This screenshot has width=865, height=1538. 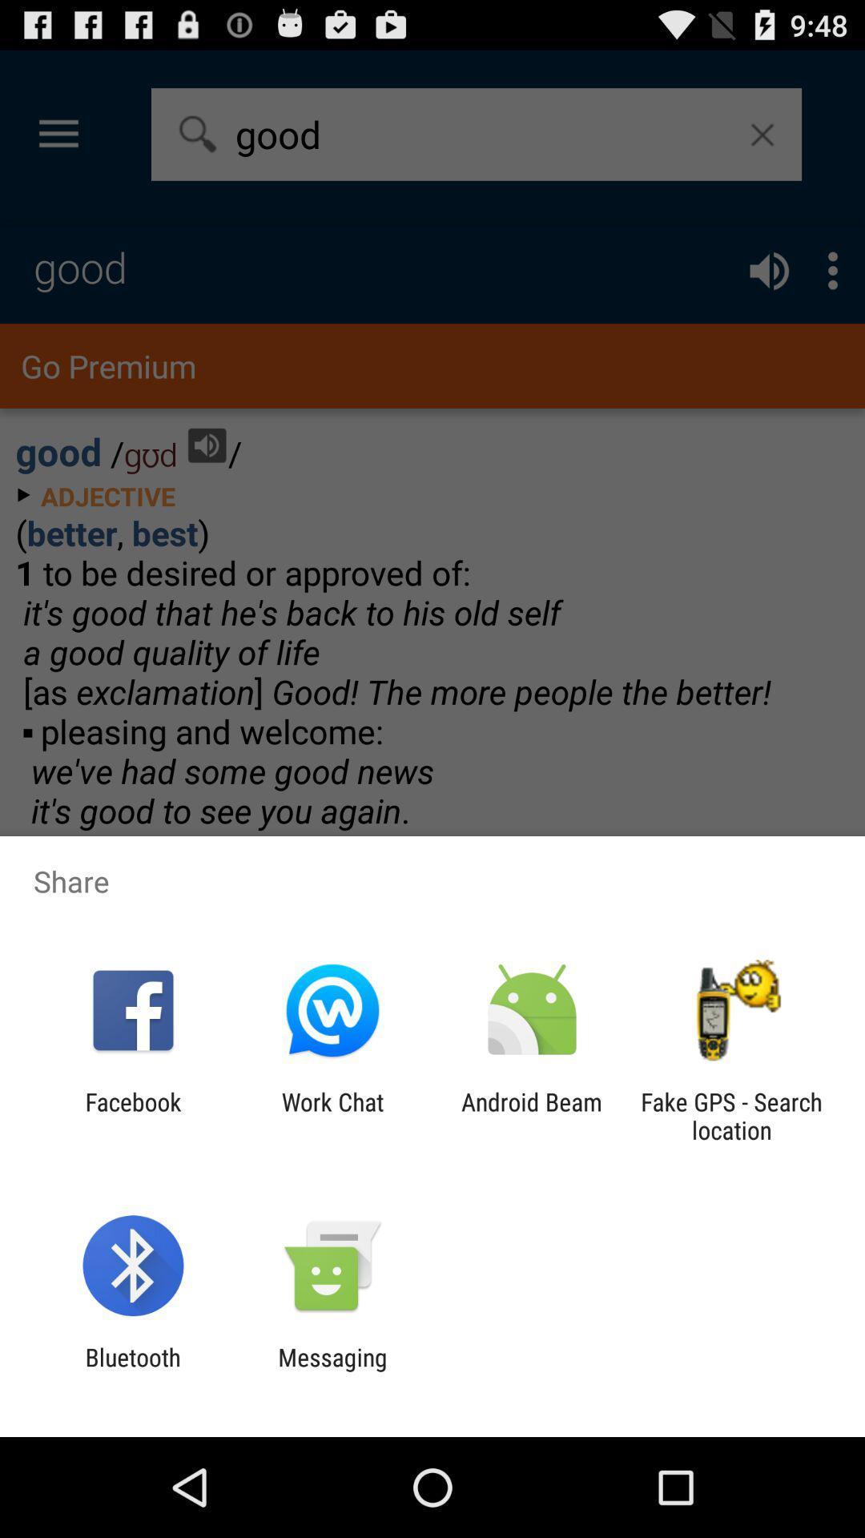 What do you see at coordinates (332, 1115) in the screenshot?
I see `the item to the right of the facebook` at bounding box center [332, 1115].